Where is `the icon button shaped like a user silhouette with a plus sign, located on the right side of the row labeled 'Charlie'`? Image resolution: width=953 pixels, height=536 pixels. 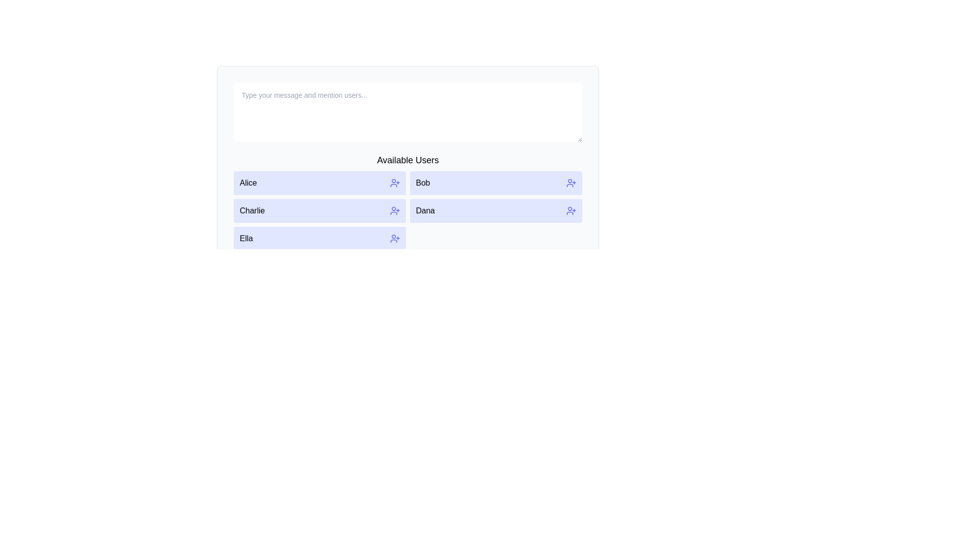
the icon button shaped like a user silhouette with a plus sign, located on the right side of the row labeled 'Charlie' is located at coordinates (395, 210).